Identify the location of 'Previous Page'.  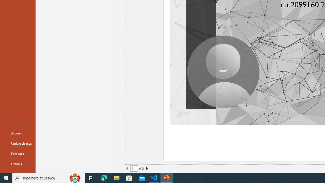
(127, 169).